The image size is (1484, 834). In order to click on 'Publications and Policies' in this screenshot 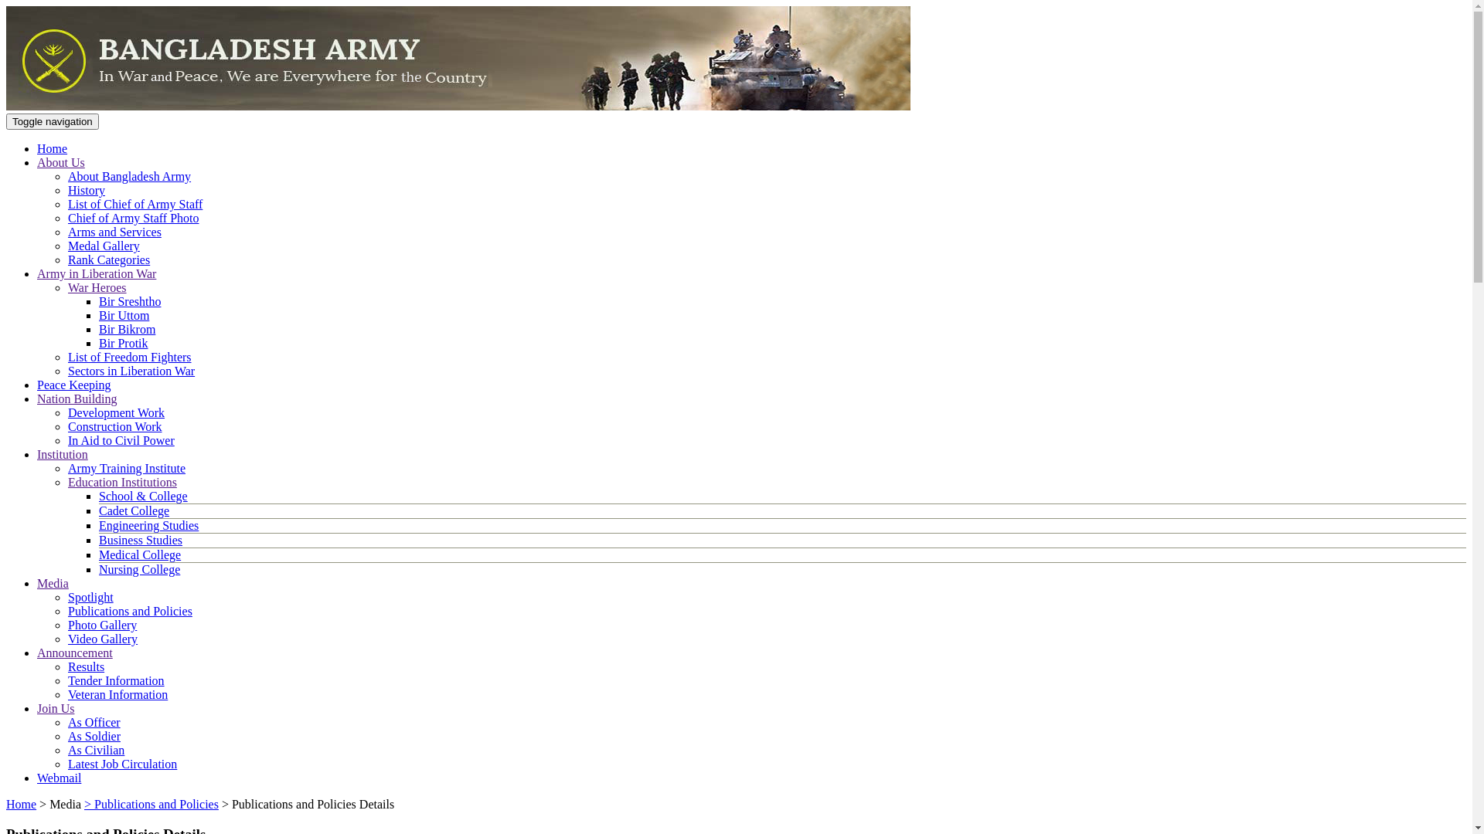, I will do `click(66, 610)`.